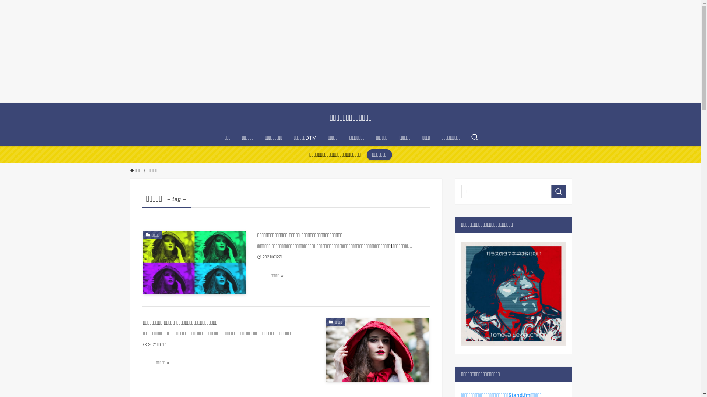 The image size is (707, 397). Describe the element at coordinates (447, 204) in the screenshot. I see `'search'` at that location.